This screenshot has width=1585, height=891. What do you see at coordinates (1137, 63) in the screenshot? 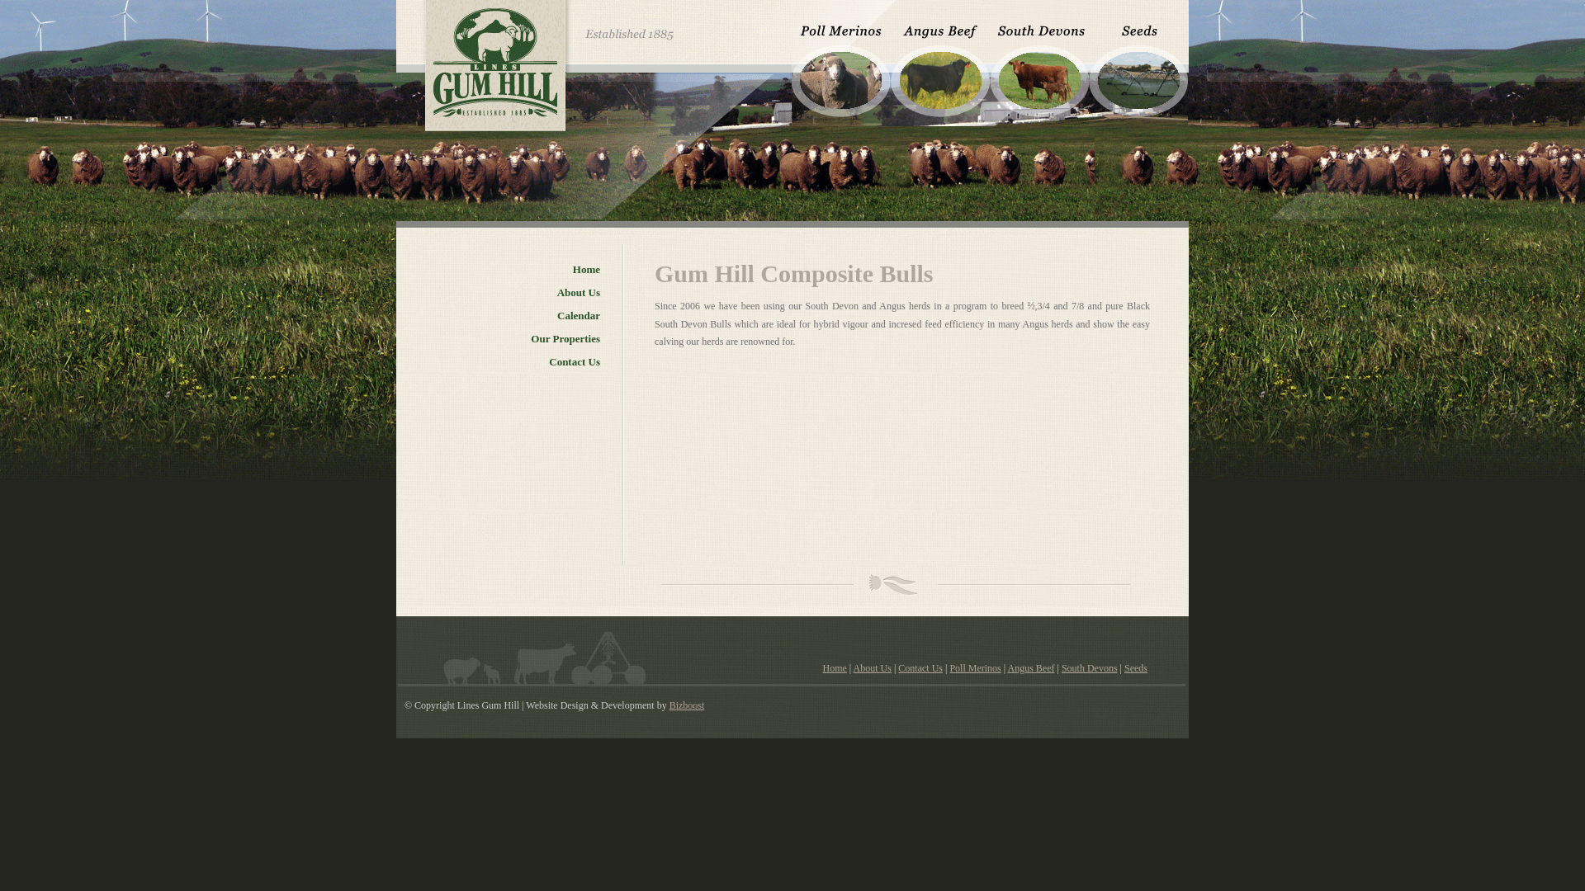
I see `'SEEDS'` at bounding box center [1137, 63].